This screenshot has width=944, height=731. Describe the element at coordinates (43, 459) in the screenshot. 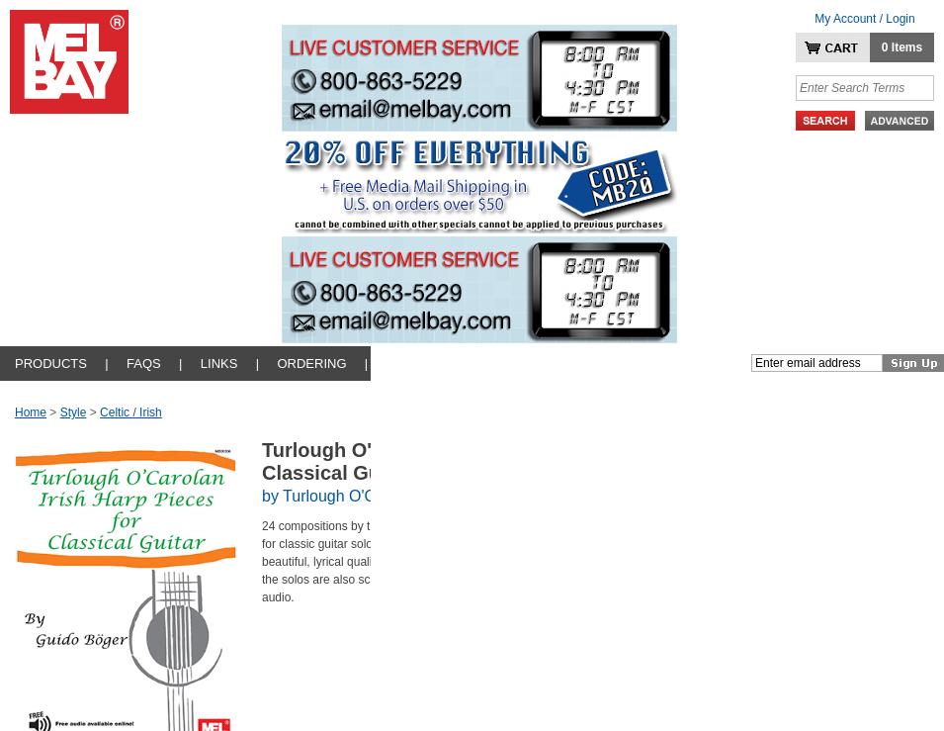

I see `'Mel Bay Licensing'` at that location.